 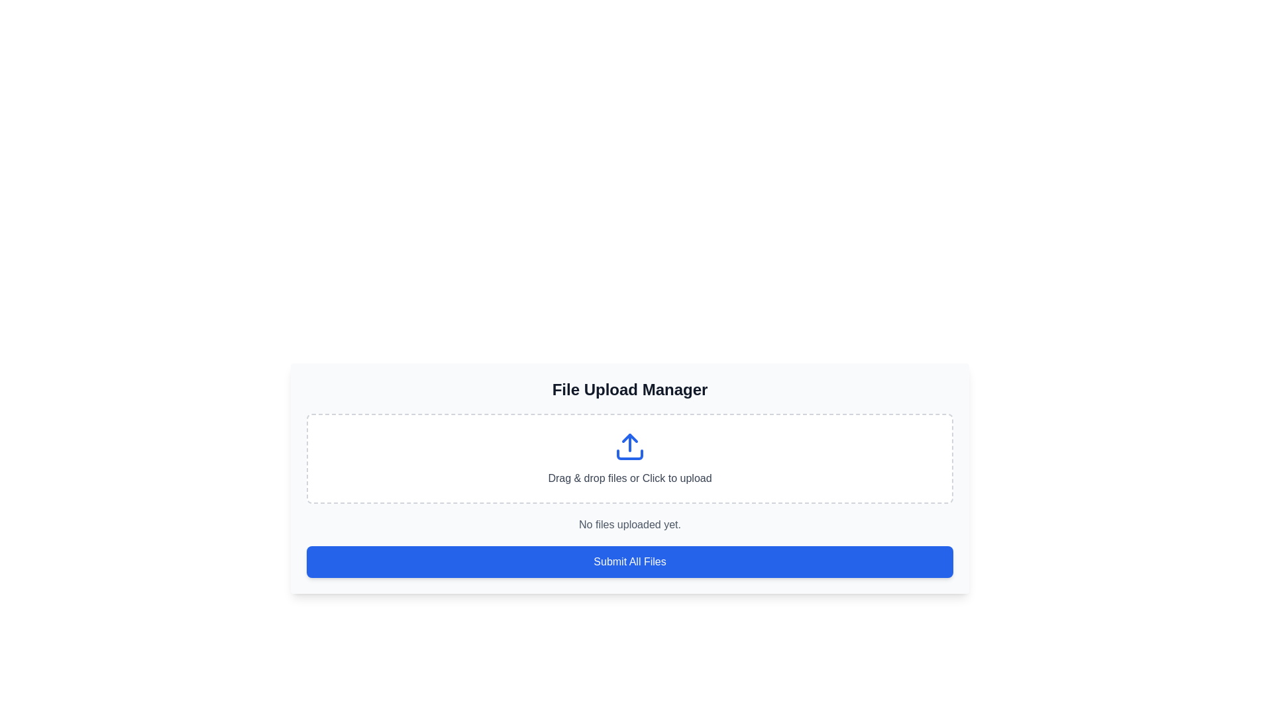 What do you see at coordinates (629, 453) in the screenshot?
I see `the 'tray' portion of the upload symbol, which indicates an area for uploading files, located below the 'File Upload Manager' header` at bounding box center [629, 453].